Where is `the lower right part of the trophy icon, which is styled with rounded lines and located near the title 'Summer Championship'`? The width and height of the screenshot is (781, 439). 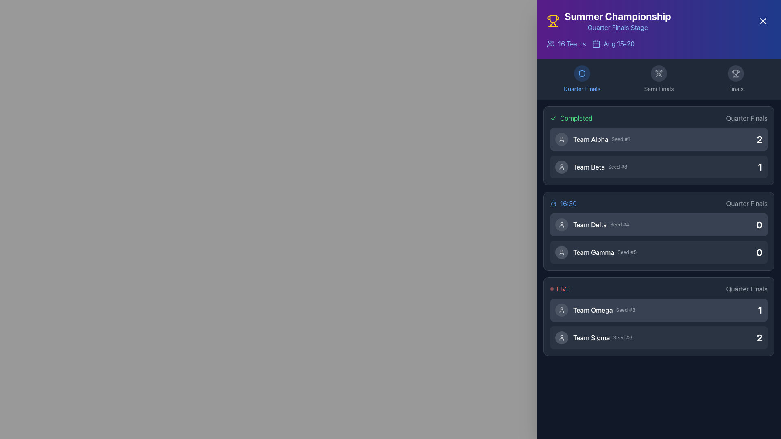 the lower right part of the trophy icon, which is styled with rounded lines and located near the title 'Summer Championship' is located at coordinates (554, 24).